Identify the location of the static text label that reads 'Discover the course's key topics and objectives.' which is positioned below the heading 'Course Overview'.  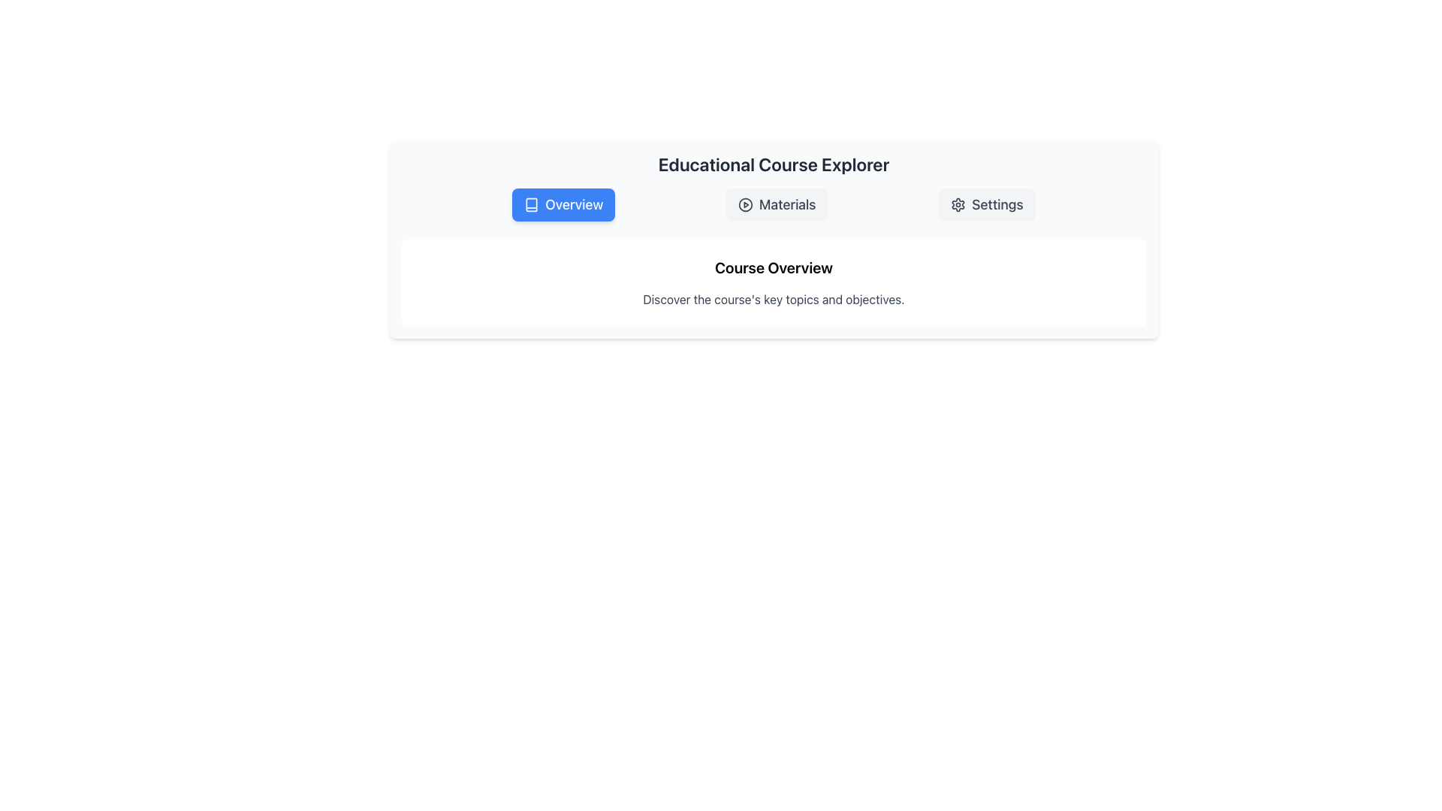
(774, 299).